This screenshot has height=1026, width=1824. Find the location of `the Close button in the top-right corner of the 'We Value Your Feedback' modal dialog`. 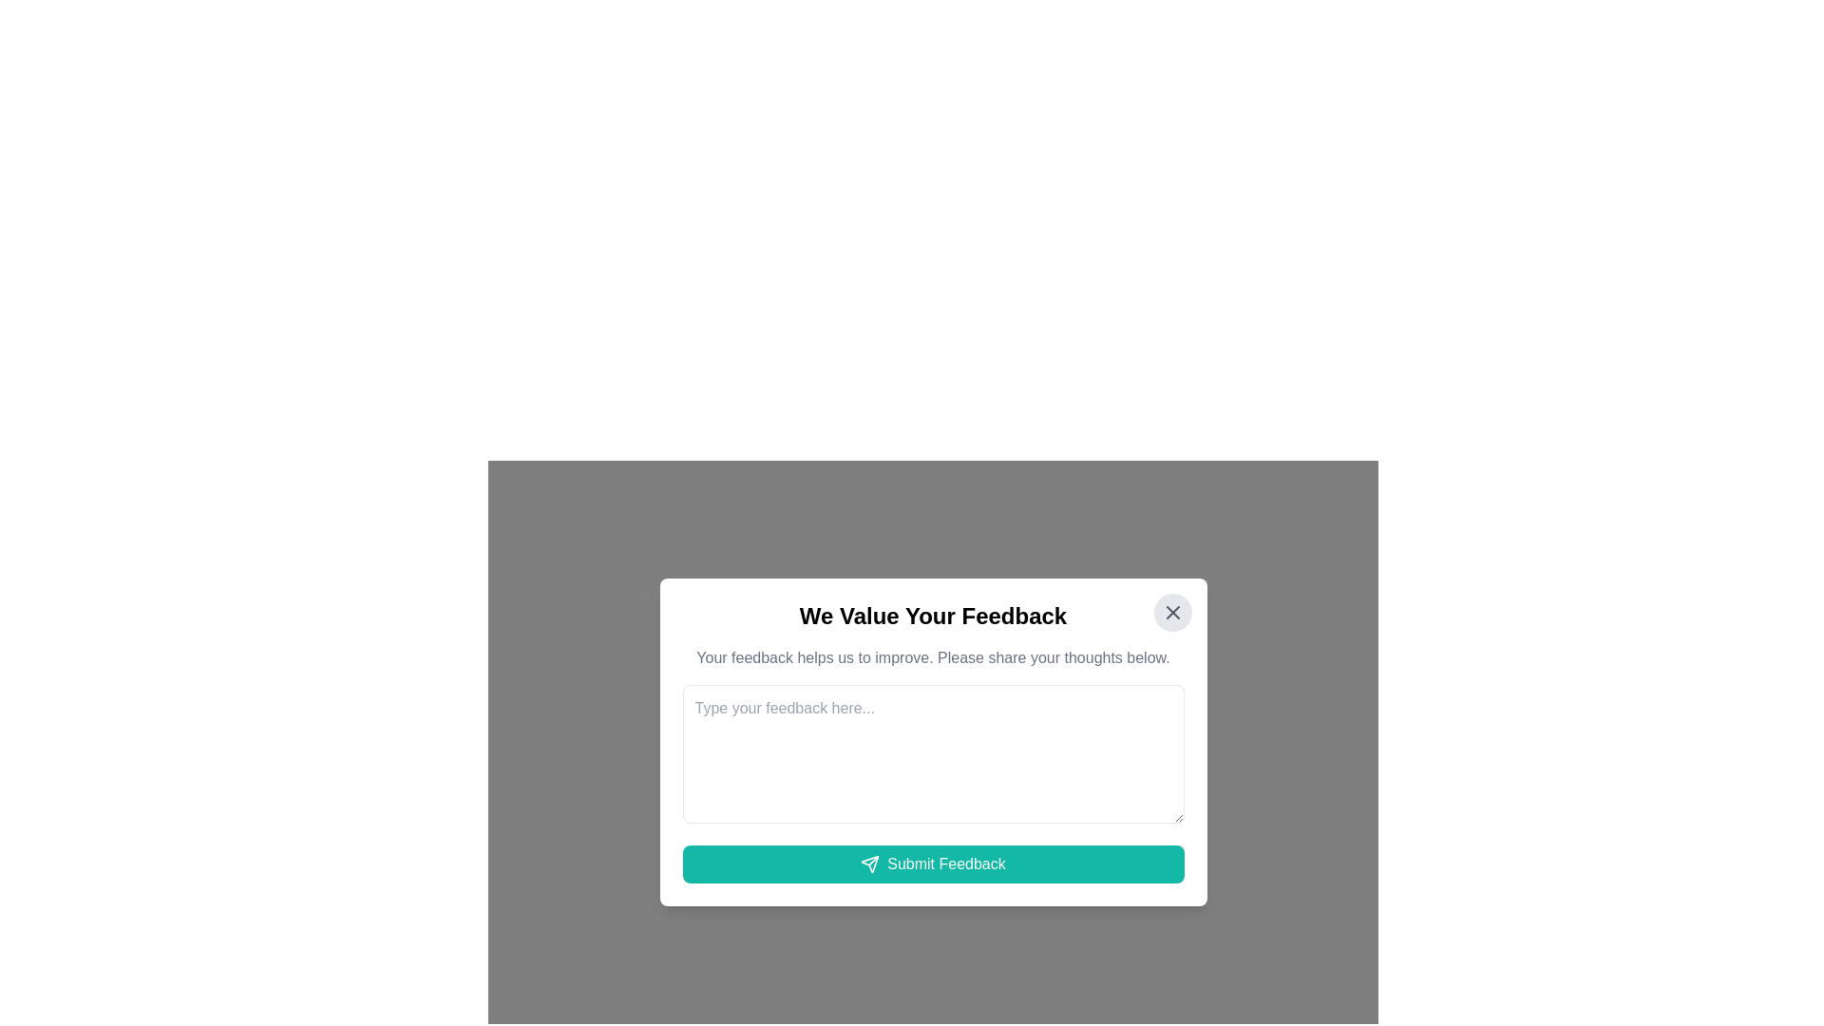

the Close button in the top-right corner of the 'We Value Your Feedback' modal dialog is located at coordinates (1171, 612).